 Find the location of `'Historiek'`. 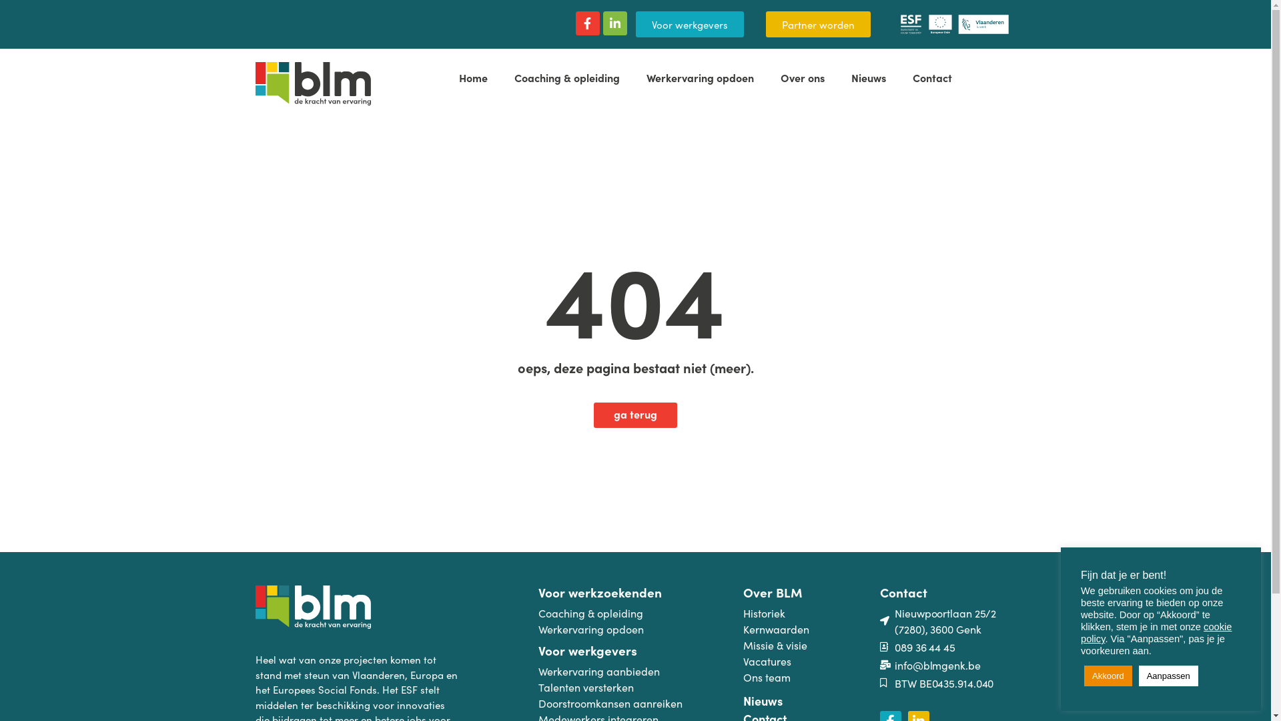

'Historiek' is located at coordinates (811, 613).